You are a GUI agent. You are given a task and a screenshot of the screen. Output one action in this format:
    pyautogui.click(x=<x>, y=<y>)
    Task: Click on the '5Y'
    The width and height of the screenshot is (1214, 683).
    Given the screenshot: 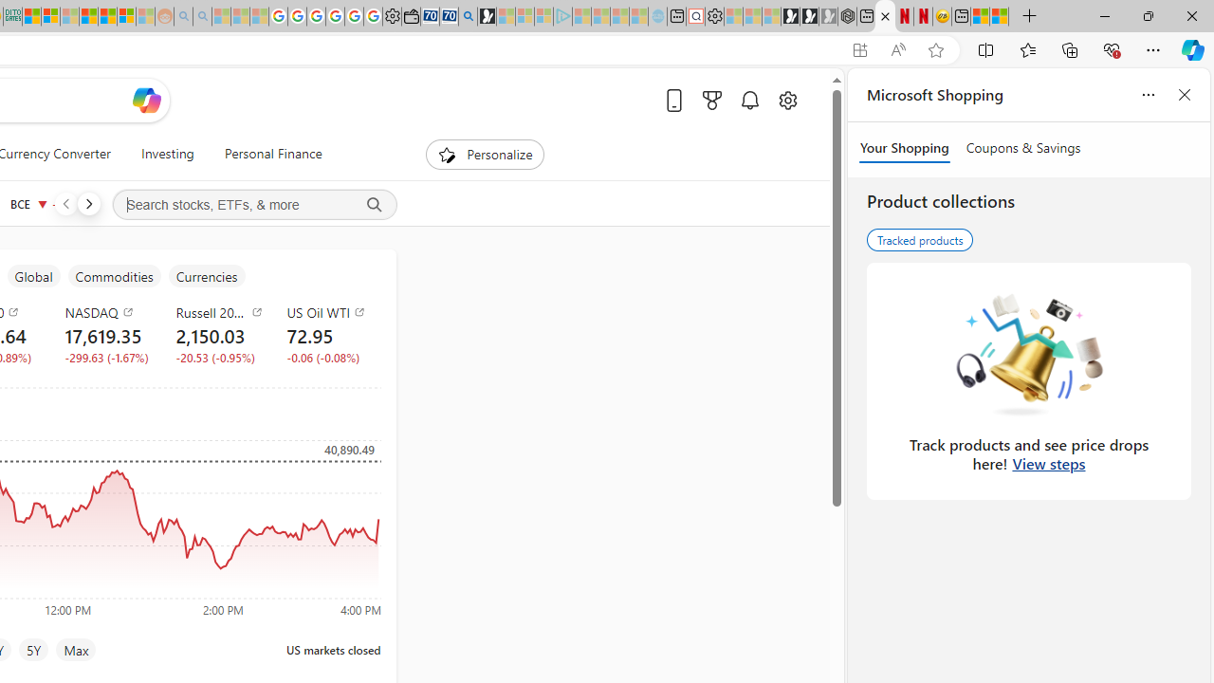 What is the action you would take?
    pyautogui.click(x=33, y=649)
    